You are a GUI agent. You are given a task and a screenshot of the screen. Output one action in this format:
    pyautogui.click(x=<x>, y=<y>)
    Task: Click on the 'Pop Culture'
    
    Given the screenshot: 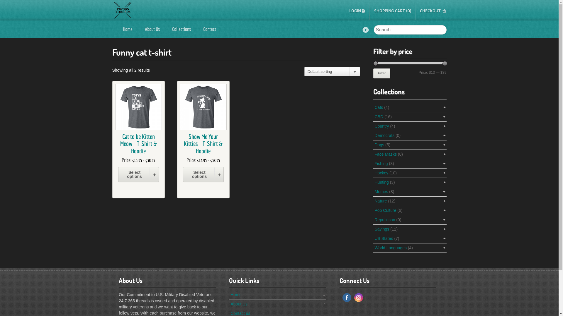 What is the action you would take?
    pyautogui.click(x=386, y=210)
    